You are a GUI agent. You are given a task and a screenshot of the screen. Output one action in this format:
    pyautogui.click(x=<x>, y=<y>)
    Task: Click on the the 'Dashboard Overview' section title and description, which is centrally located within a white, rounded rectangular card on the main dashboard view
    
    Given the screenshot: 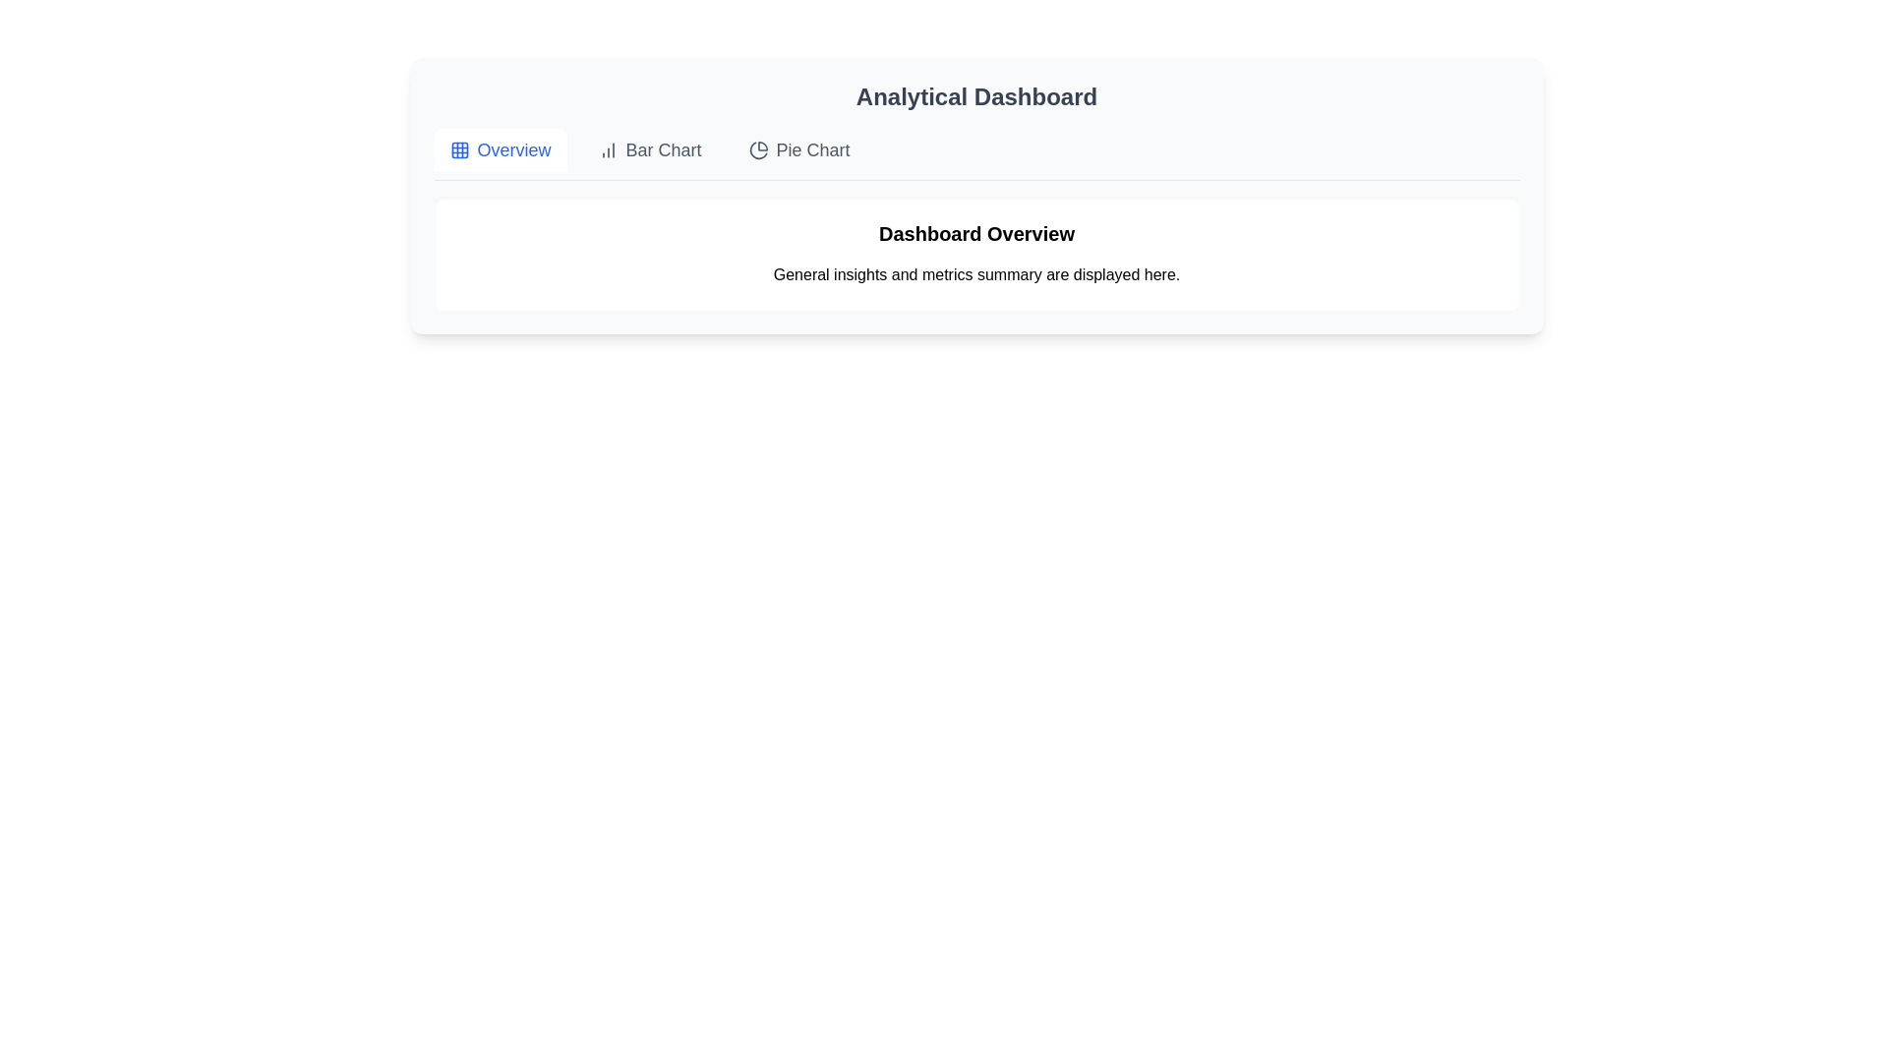 What is the action you would take?
    pyautogui.click(x=976, y=253)
    